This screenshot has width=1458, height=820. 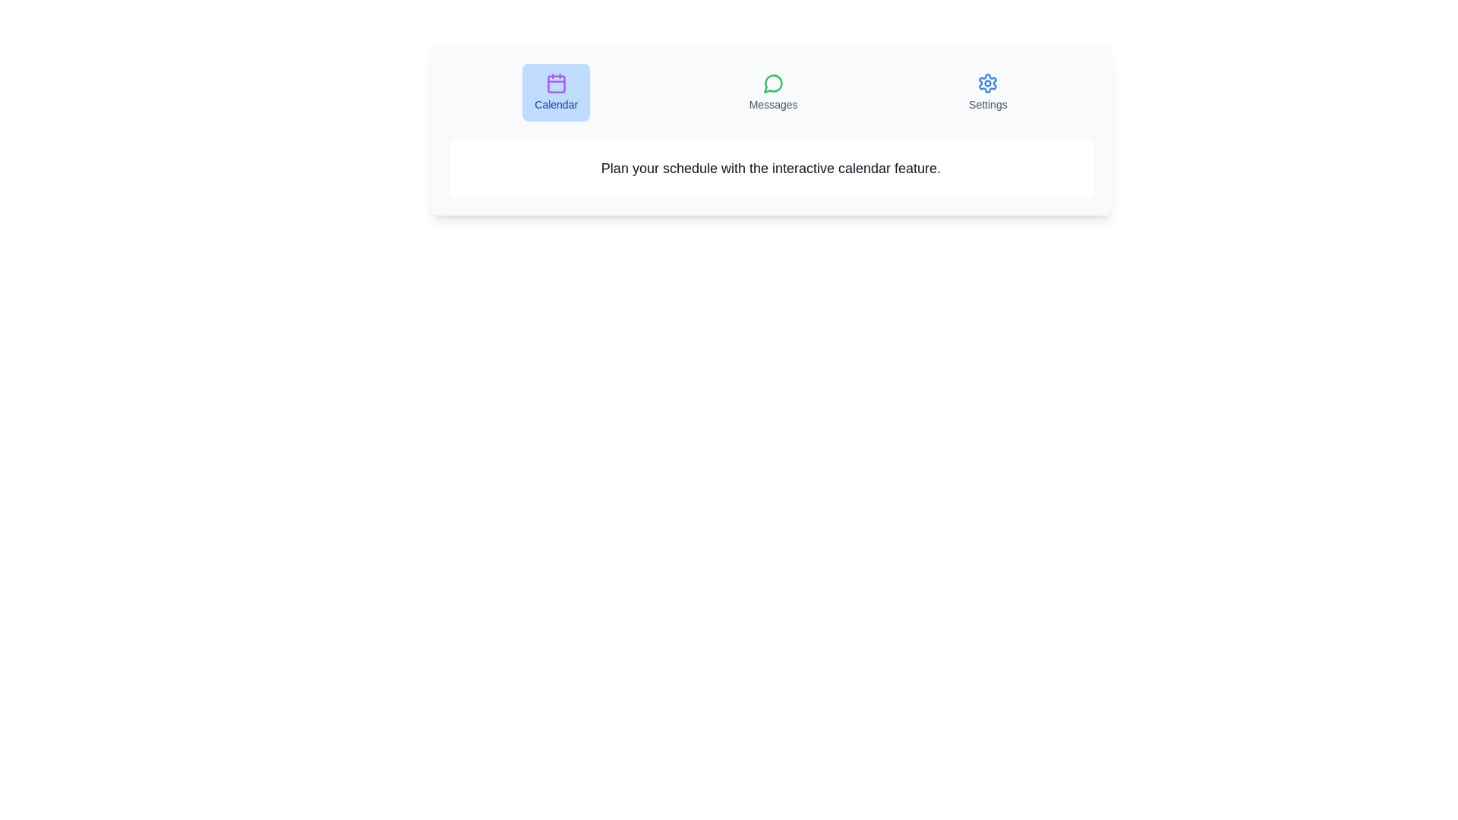 What do you see at coordinates (554, 93) in the screenshot?
I see `the Calendar tab from the available options` at bounding box center [554, 93].